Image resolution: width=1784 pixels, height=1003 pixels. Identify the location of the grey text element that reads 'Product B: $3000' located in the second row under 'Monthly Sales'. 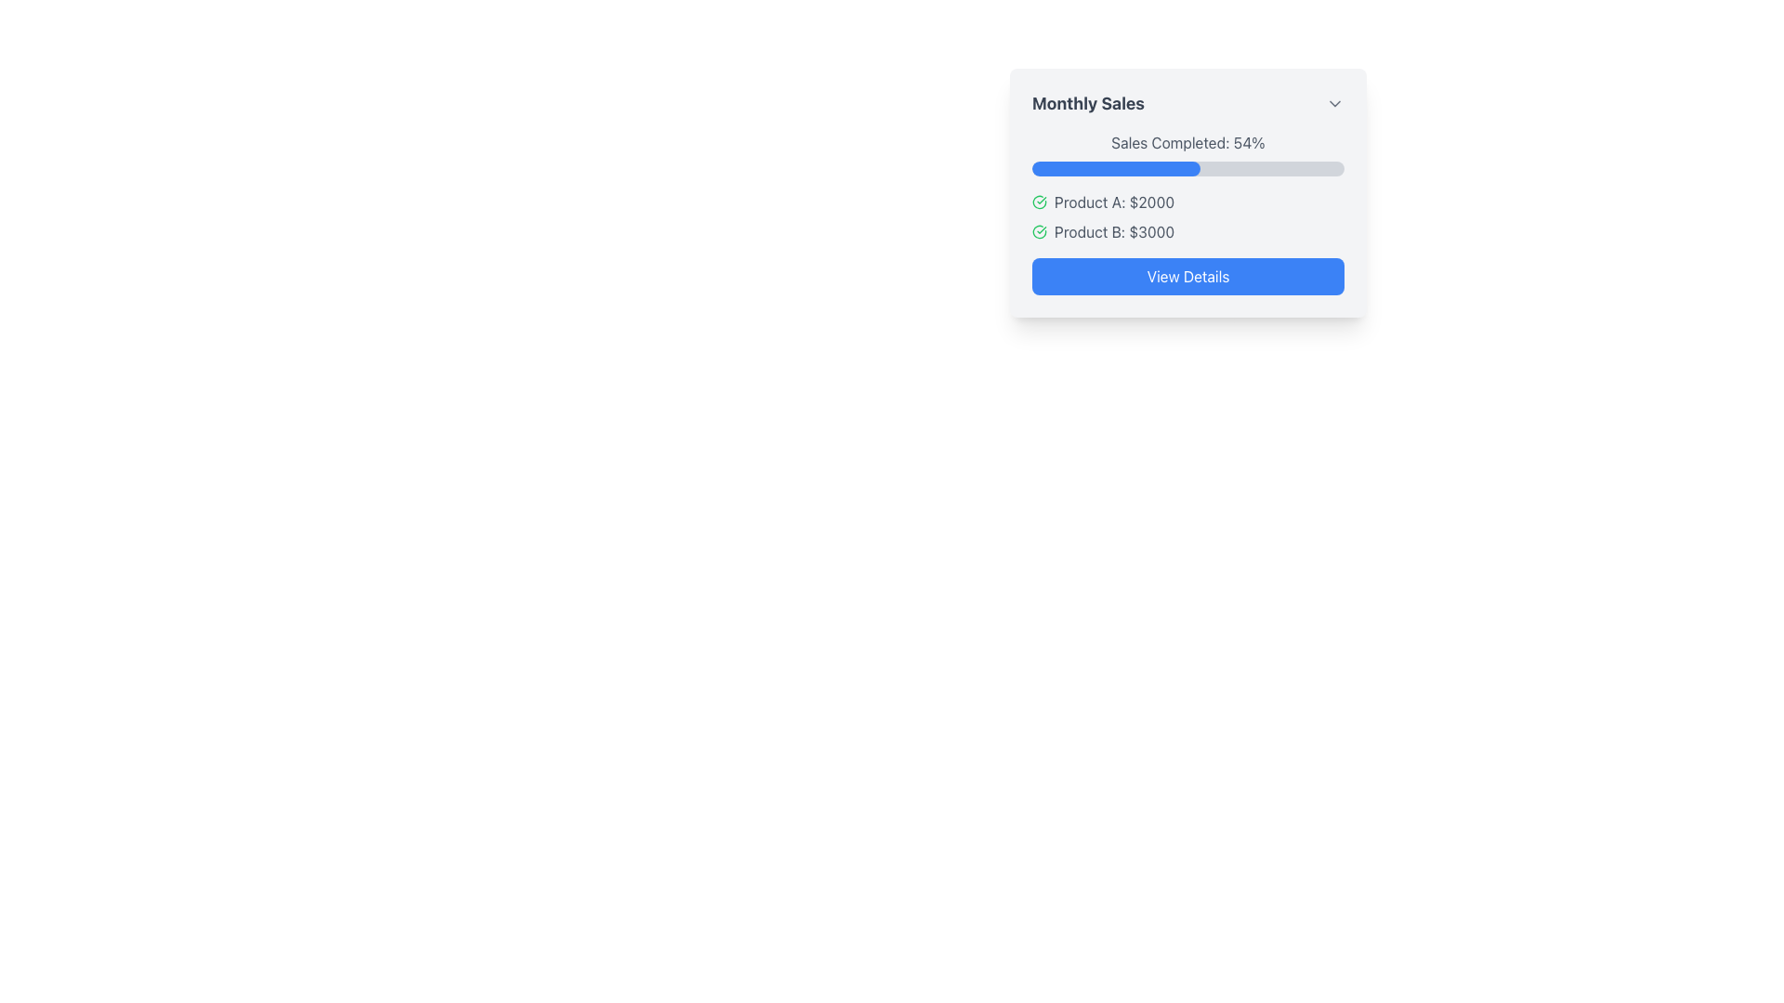
(1114, 231).